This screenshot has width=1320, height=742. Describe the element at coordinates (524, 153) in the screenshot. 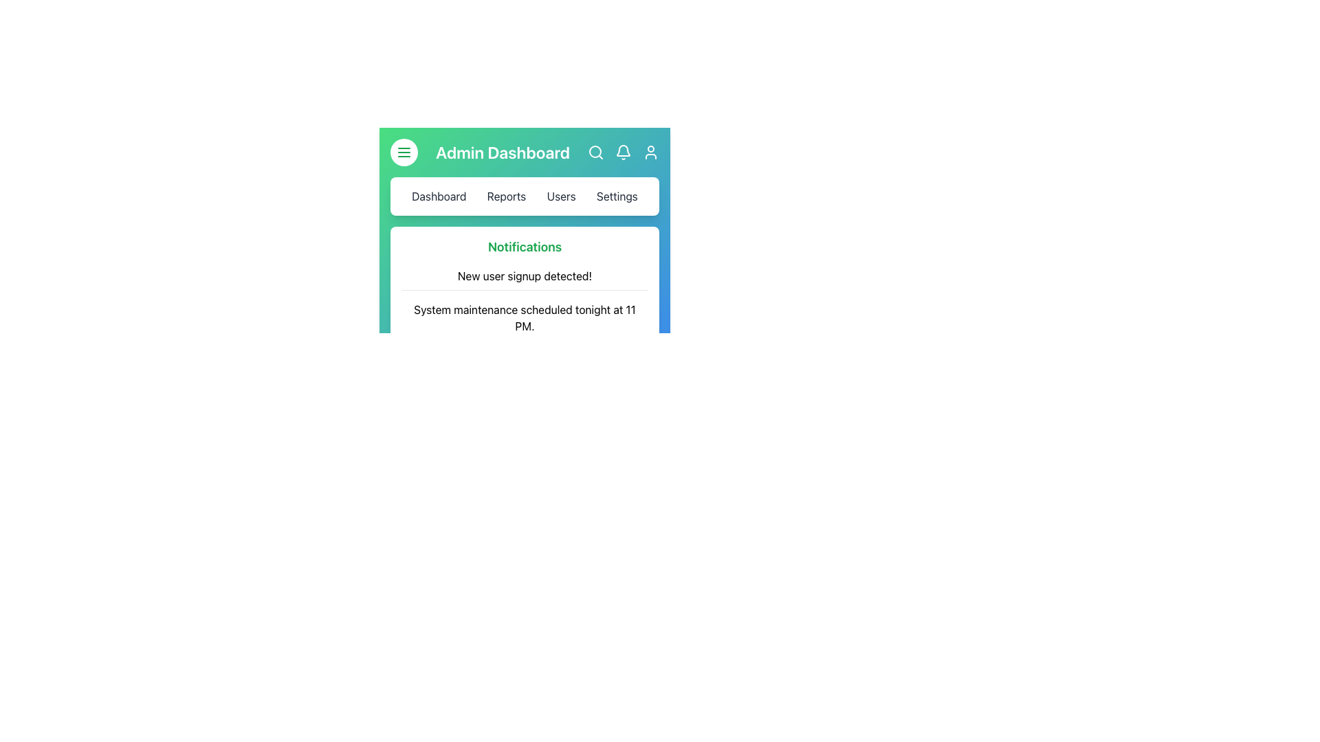

I see `the Text label located in the header section of the admin dashboard, which serves as the title or label indicating the current view or functionality` at that location.